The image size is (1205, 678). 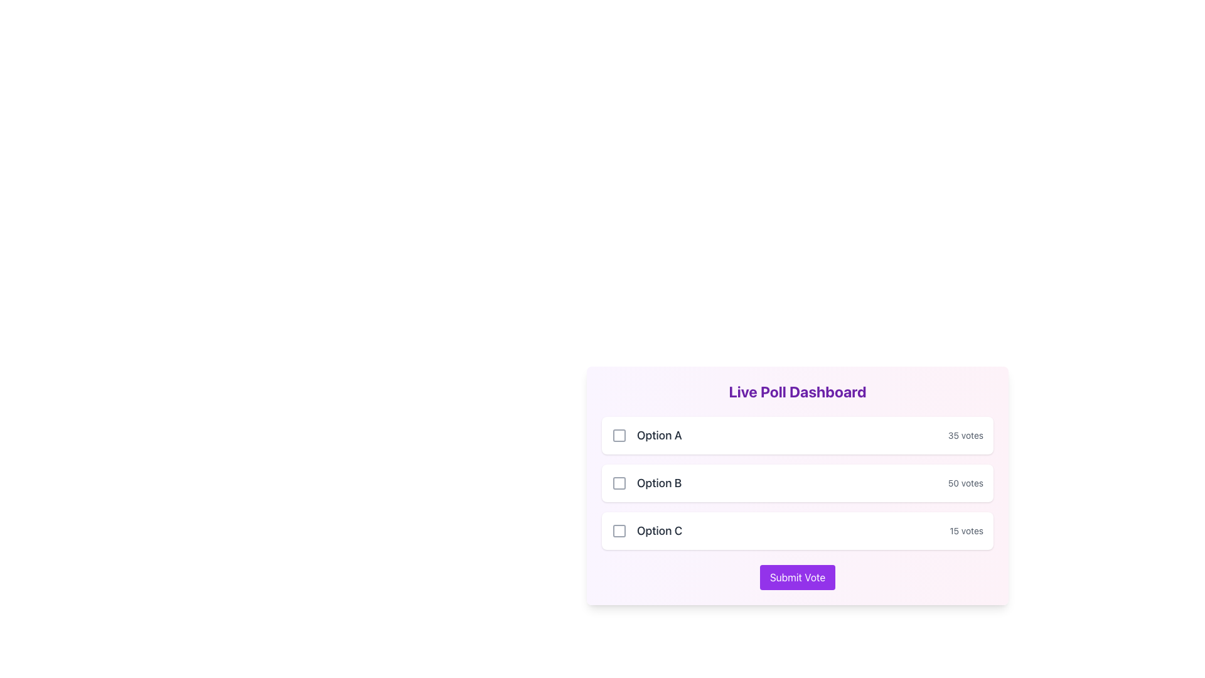 What do you see at coordinates (646, 435) in the screenshot?
I see `the 'Option A' text label to interact with the associated checkbox option in the poll interface` at bounding box center [646, 435].